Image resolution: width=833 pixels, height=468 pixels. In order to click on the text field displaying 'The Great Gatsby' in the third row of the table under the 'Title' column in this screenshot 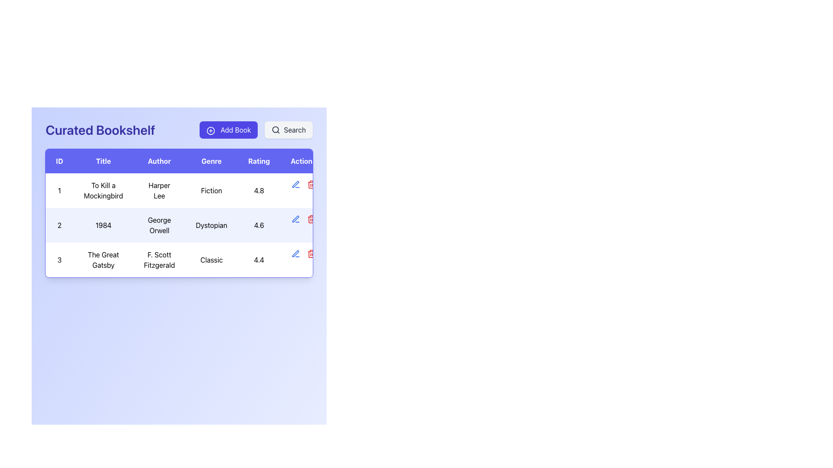, I will do `click(103, 260)`.